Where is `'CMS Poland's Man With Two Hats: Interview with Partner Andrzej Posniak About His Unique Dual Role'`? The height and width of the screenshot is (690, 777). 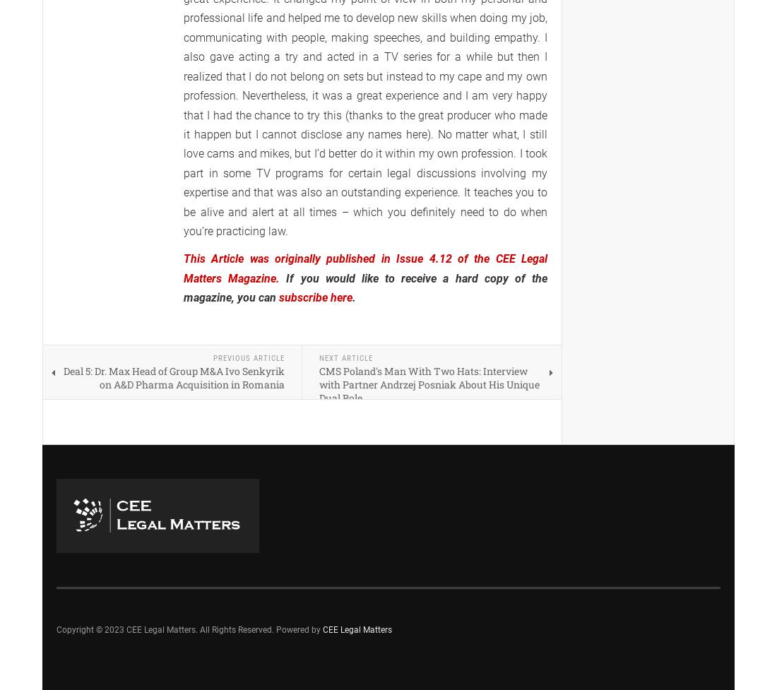 'CMS Poland's Man With Two Hats: Interview with Partner Andrzej Posniak About His Unique Dual Role' is located at coordinates (428, 383).